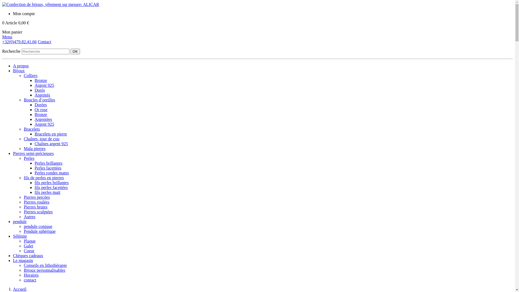 The image size is (519, 292). I want to click on 'fils perles matt', so click(47, 192).